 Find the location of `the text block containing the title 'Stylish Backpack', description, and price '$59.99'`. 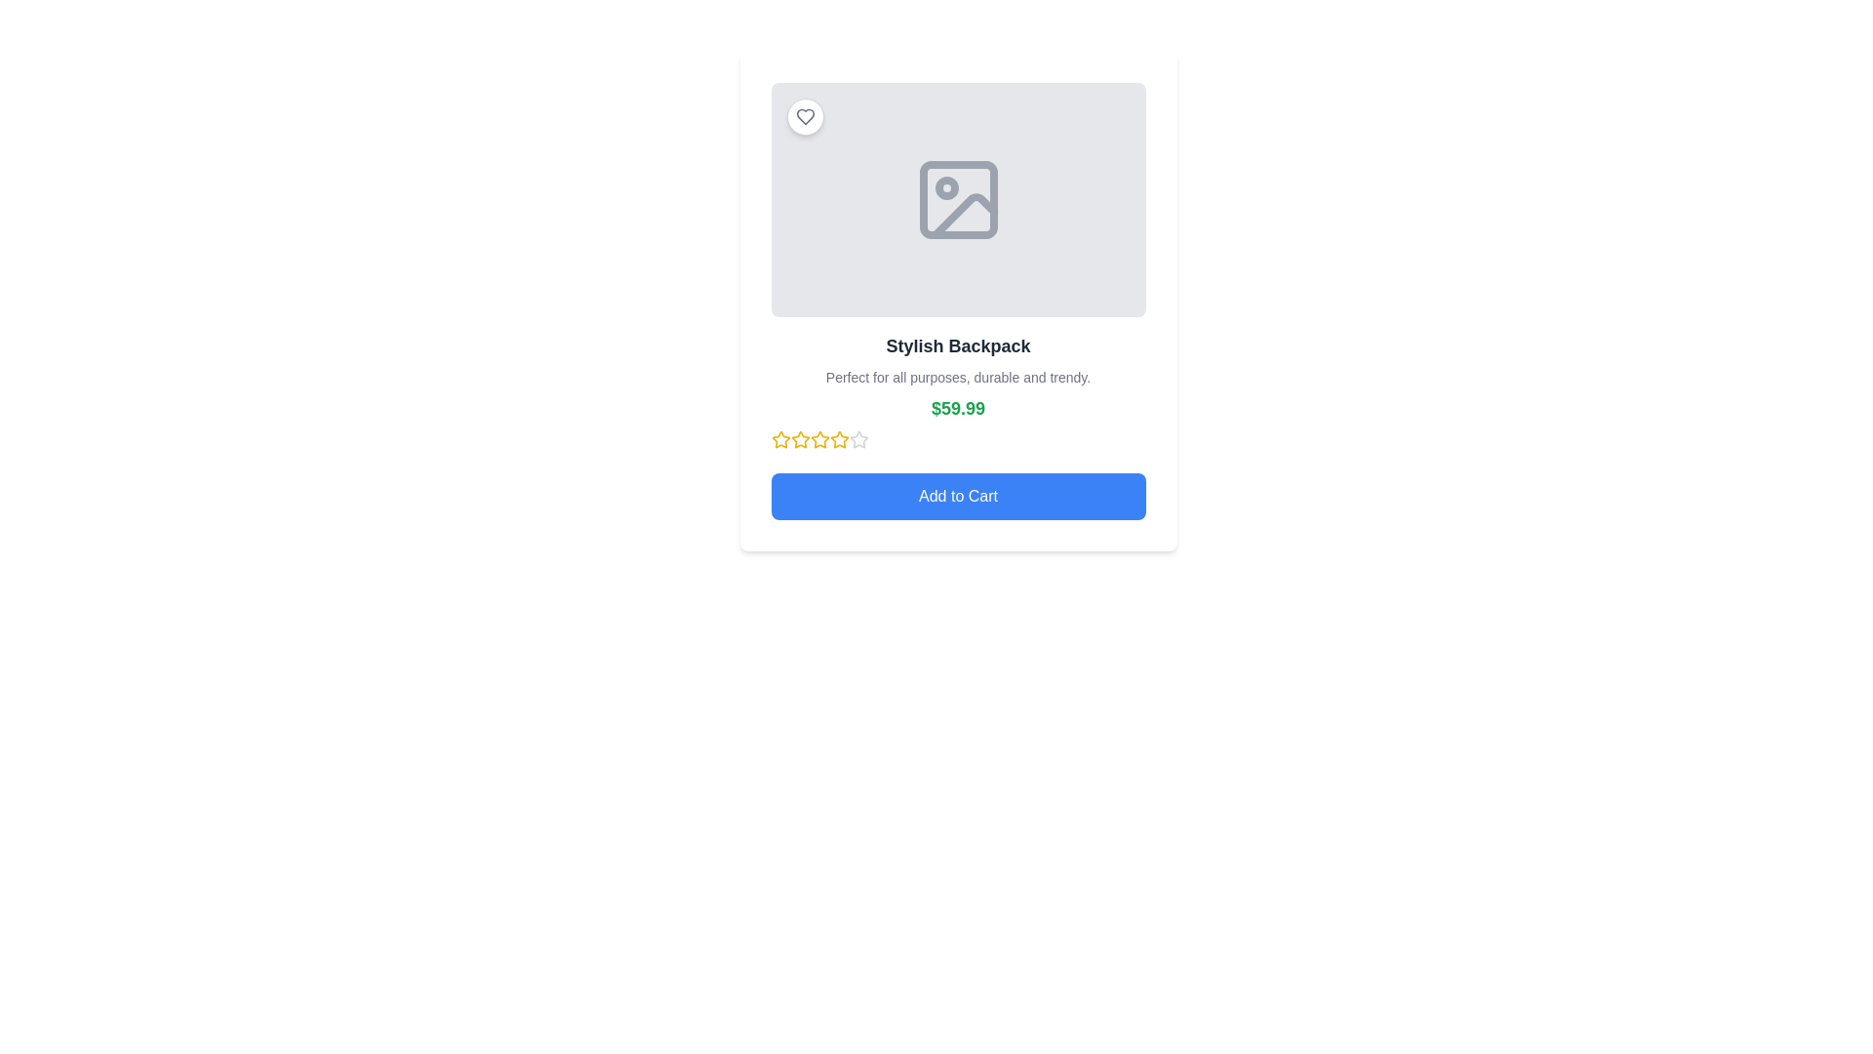

the text block containing the title 'Stylish Backpack', description, and price '$59.99' is located at coordinates (958, 391).